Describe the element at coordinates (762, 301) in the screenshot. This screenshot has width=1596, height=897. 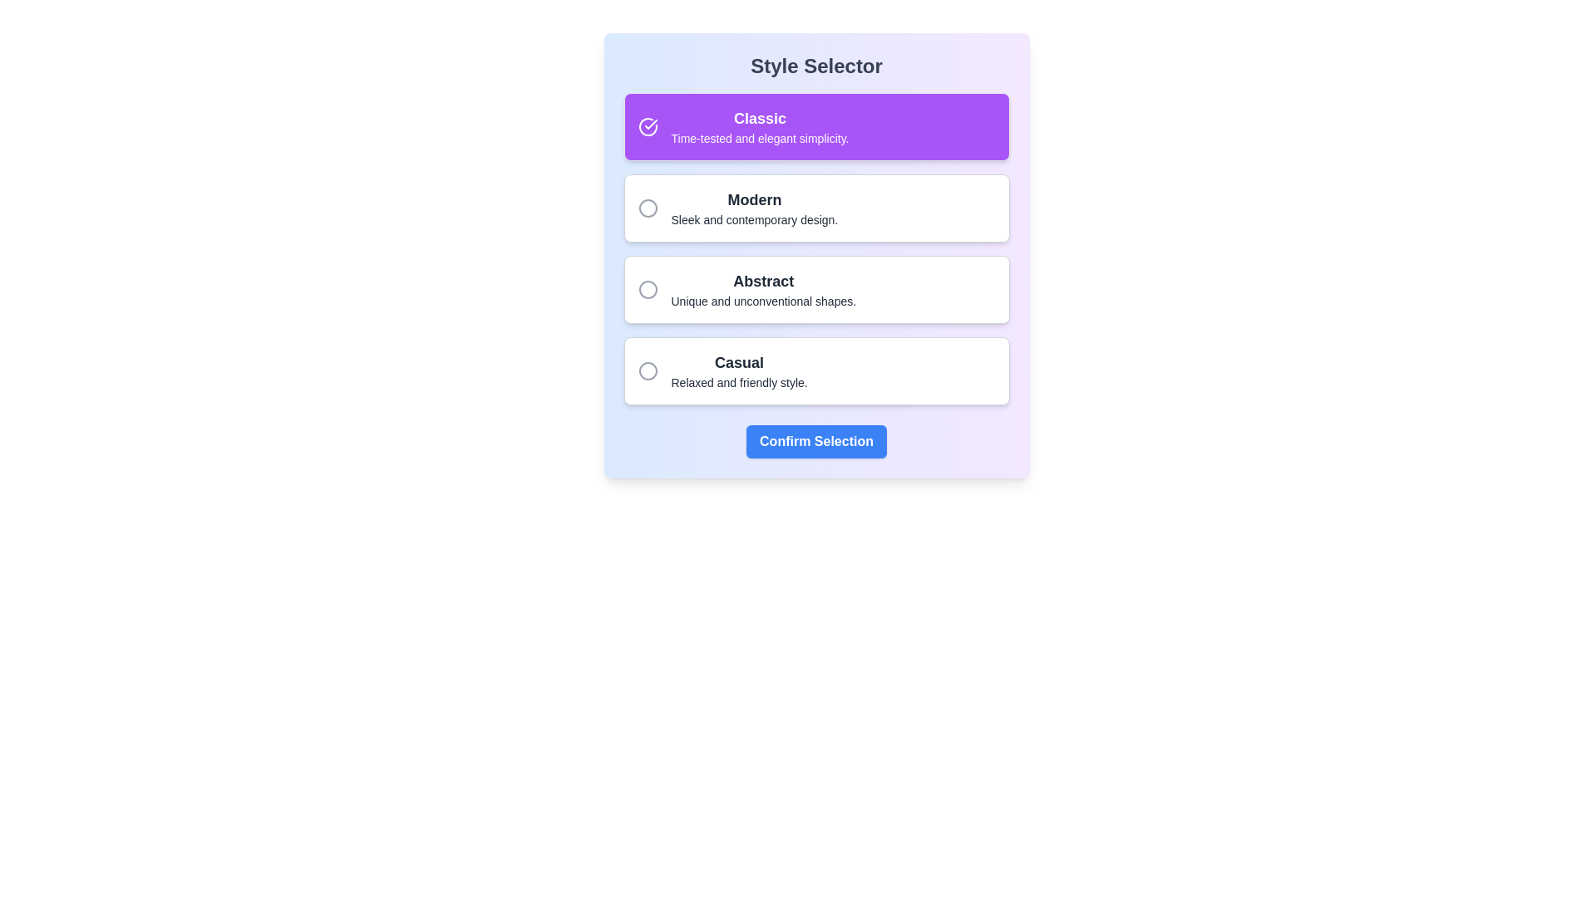
I see `the descriptive text label for the 'Abstract' style option, located beneath 'Abstract' in the Style Selector` at that location.